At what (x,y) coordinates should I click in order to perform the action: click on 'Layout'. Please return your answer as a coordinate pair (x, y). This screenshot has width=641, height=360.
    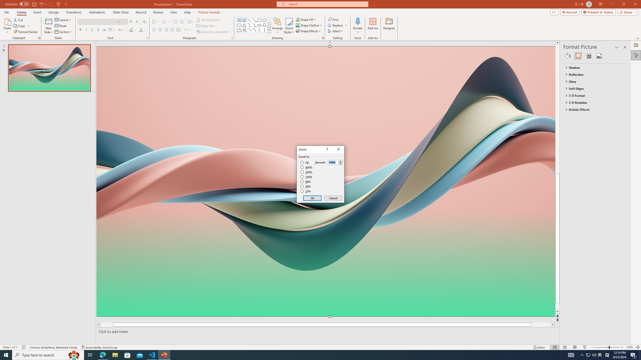
    Looking at the image, I should click on (63, 19).